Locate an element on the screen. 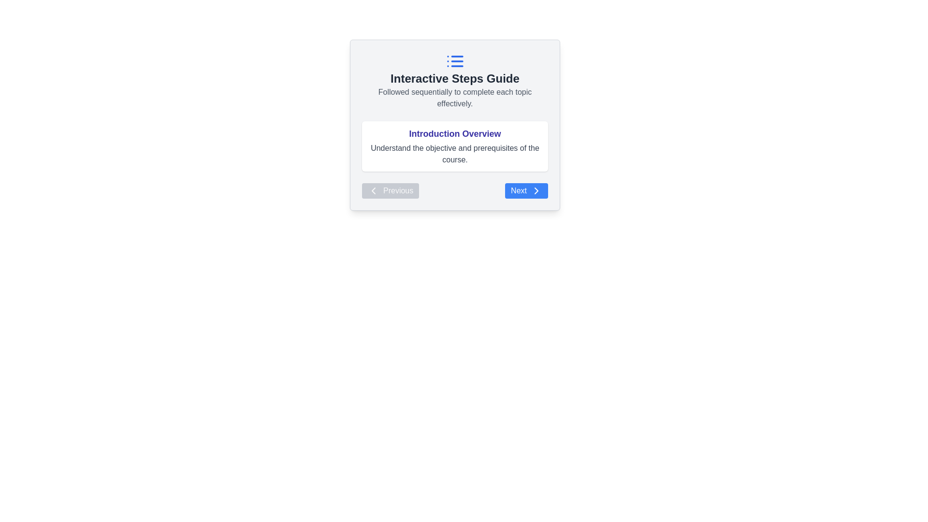 The height and width of the screenshot is (522, 928). the text label displaying 'Followed sequentially to complete each topic effectively.' which is positioned directly below the title 'Interactive Steps Guide' is located at coordinates (454, 98).